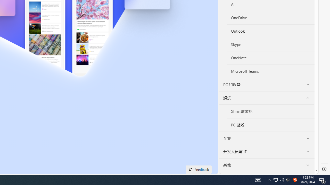  I want to click on 'Skype', so click(270, 44).